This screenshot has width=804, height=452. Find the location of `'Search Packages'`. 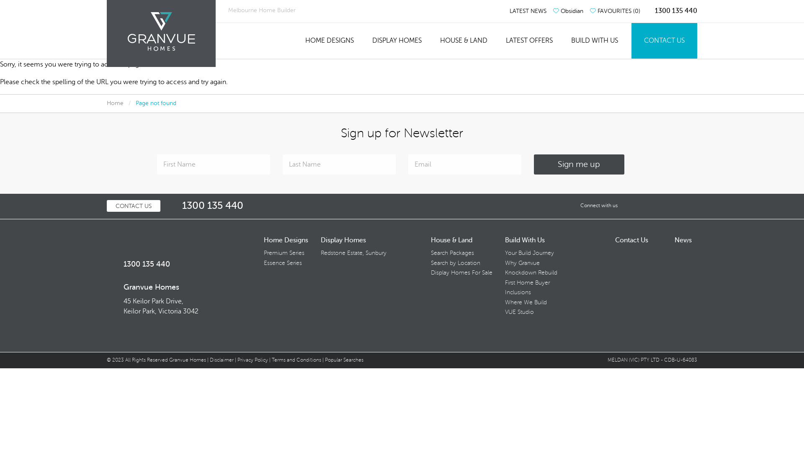

'Search Packages' is located at coordinates (452, 252).